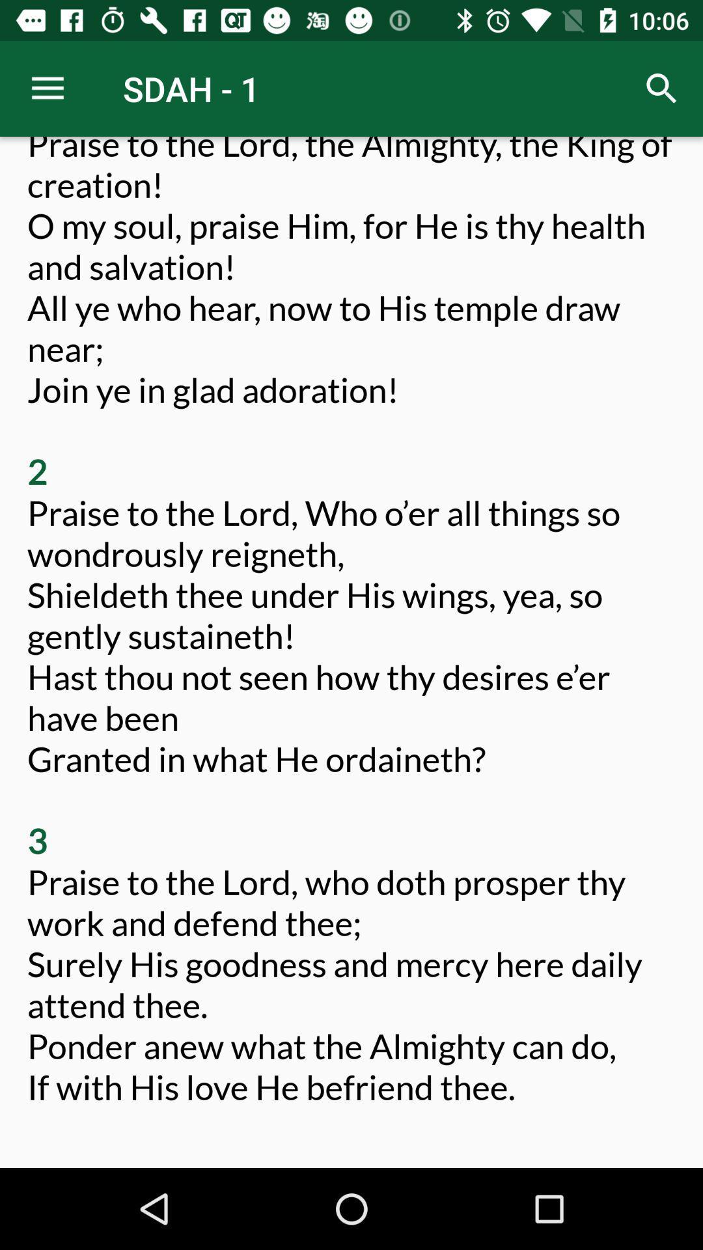  Describe the element at coordinates (47, 88) in the screenshot. I see `the item next to the sdah - 1 icon` at that location.